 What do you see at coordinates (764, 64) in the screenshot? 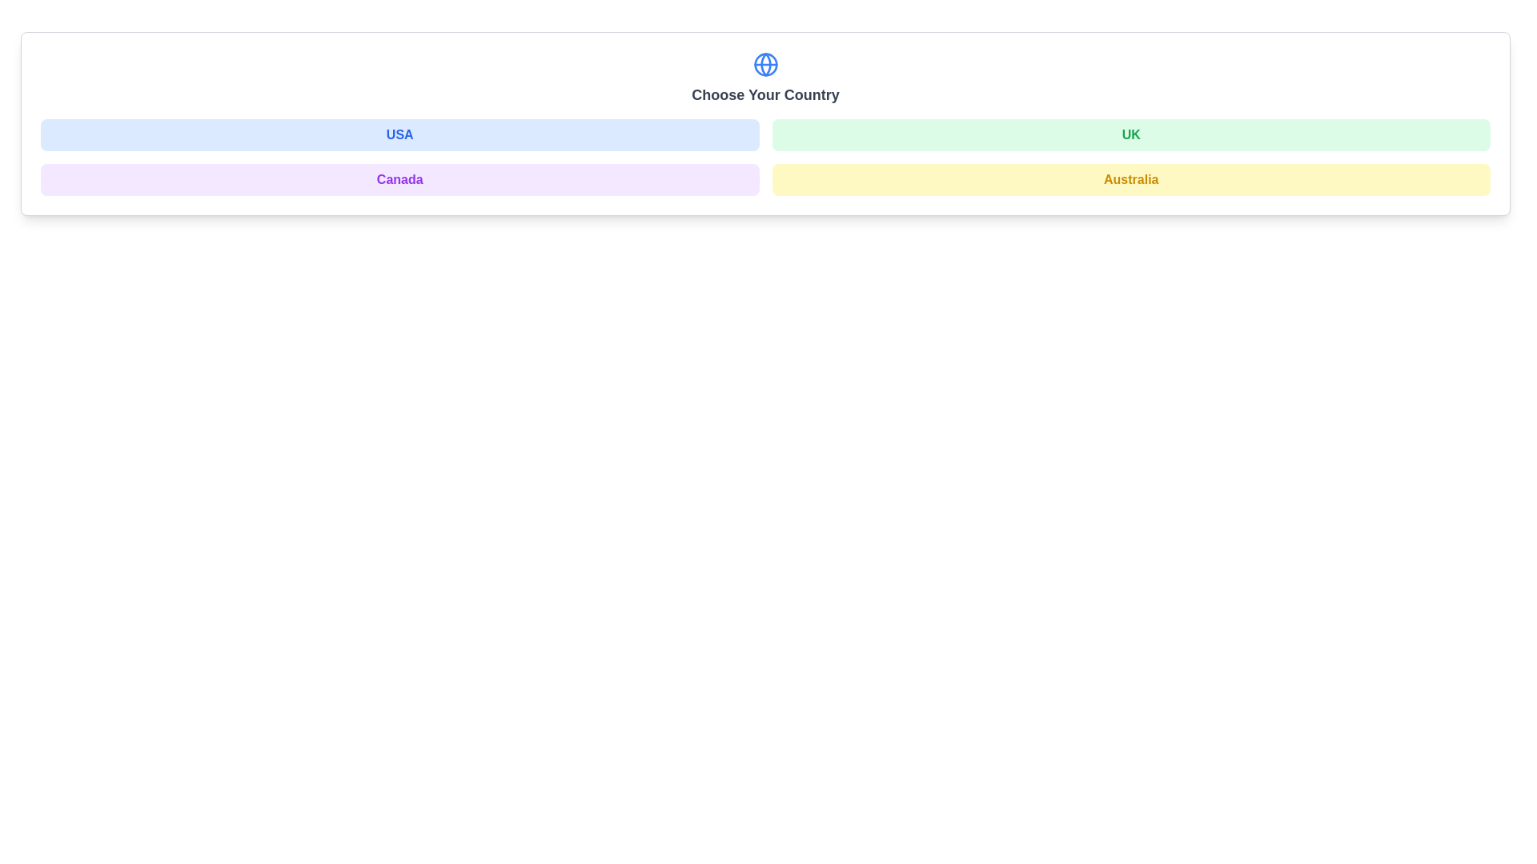
I see `the globe icon, which is visually positioned centrally above the text 'Choose Your Country'` at bounding box center [764, 64].